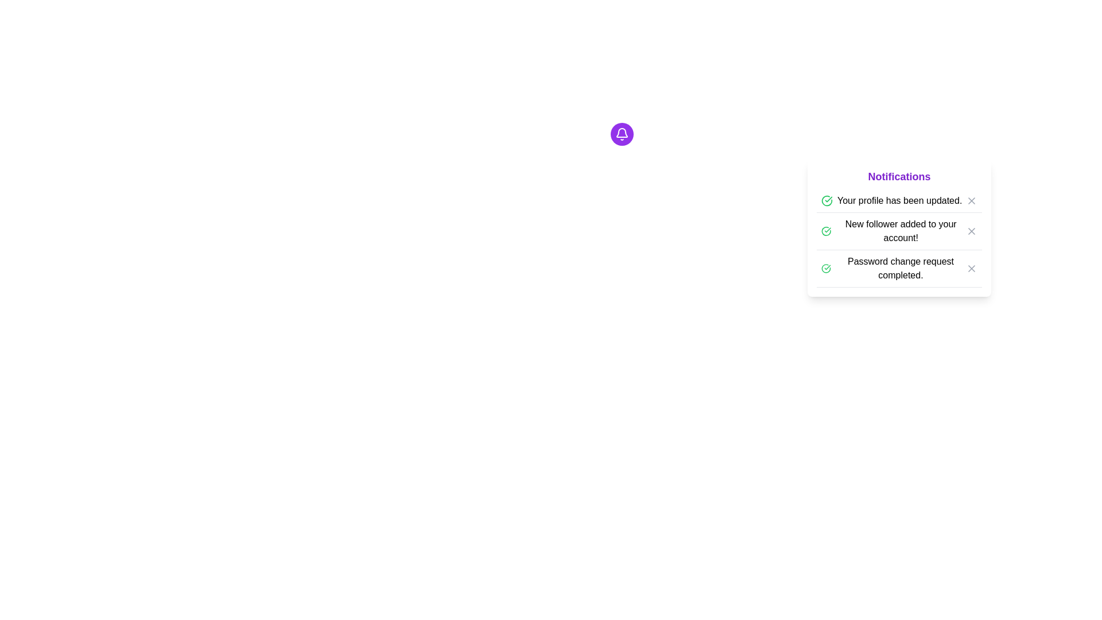  What do you see at coordinates (898, 177) in the screenshot?
I see `text label that serves as the header for the notifications section located at the top of the notification panel` at bounding box center [898, 177].